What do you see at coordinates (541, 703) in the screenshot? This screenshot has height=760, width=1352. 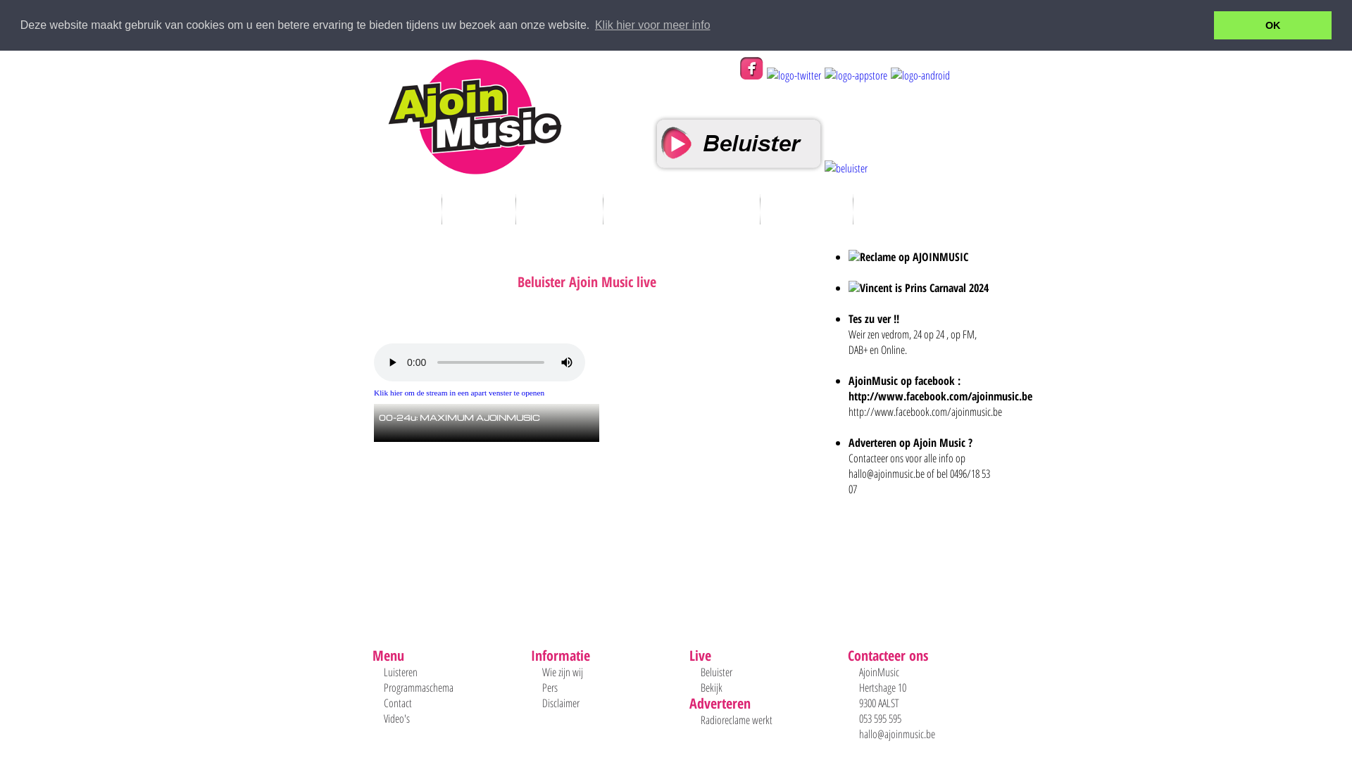 I see `'Disclaimer'` at bounding box center [541, 703].